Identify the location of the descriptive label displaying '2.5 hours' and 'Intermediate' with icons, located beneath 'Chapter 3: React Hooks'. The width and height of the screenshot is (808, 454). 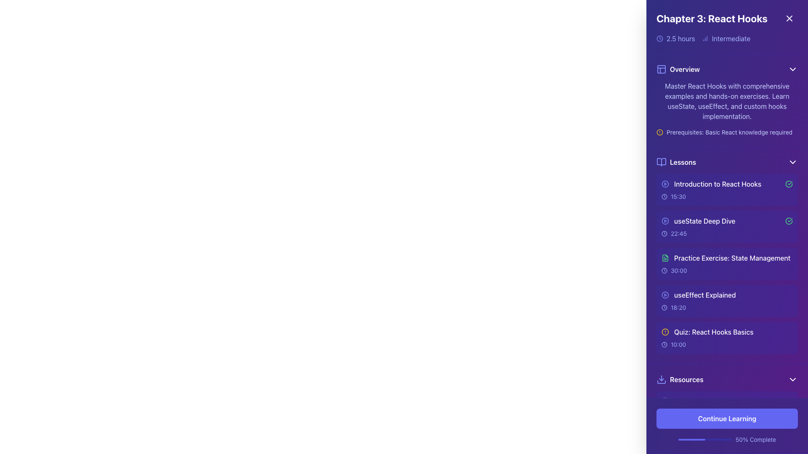
(727, 39).